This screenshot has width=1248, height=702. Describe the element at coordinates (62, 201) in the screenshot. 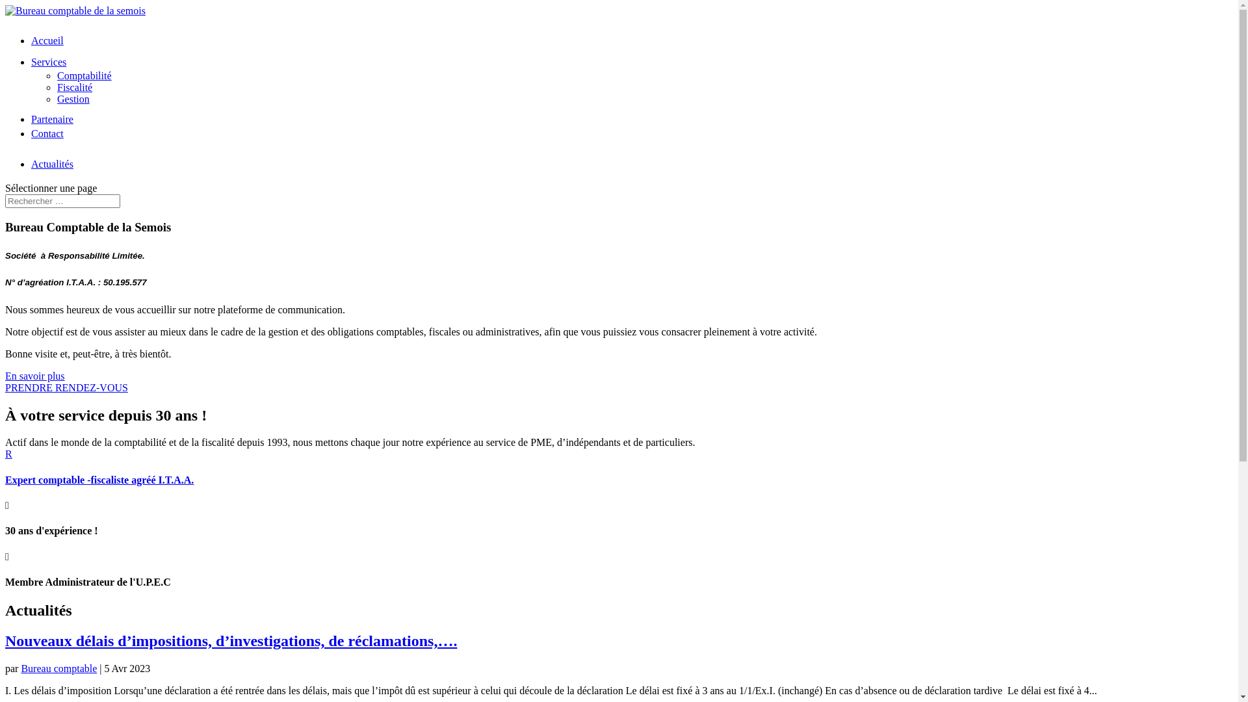

I see `'Rechercher:'` at that location.